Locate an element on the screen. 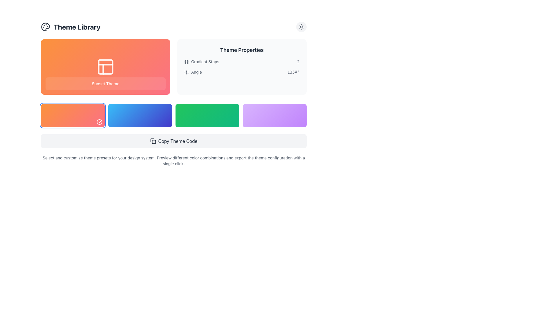 This screenshot has height=313, width=557. the third interactive card is located at coordinates (207, 115).